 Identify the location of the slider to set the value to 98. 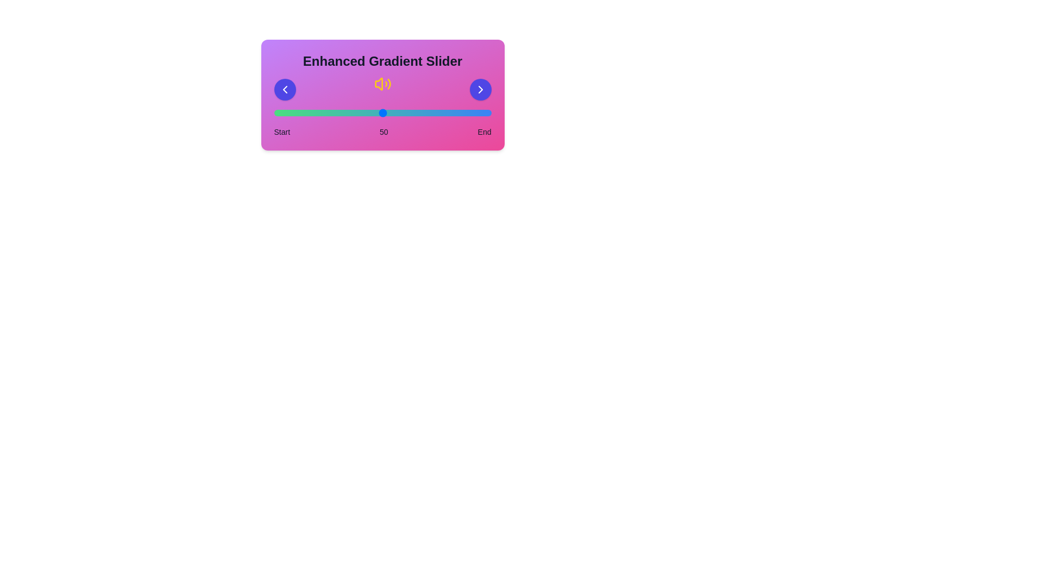
(486, 113).